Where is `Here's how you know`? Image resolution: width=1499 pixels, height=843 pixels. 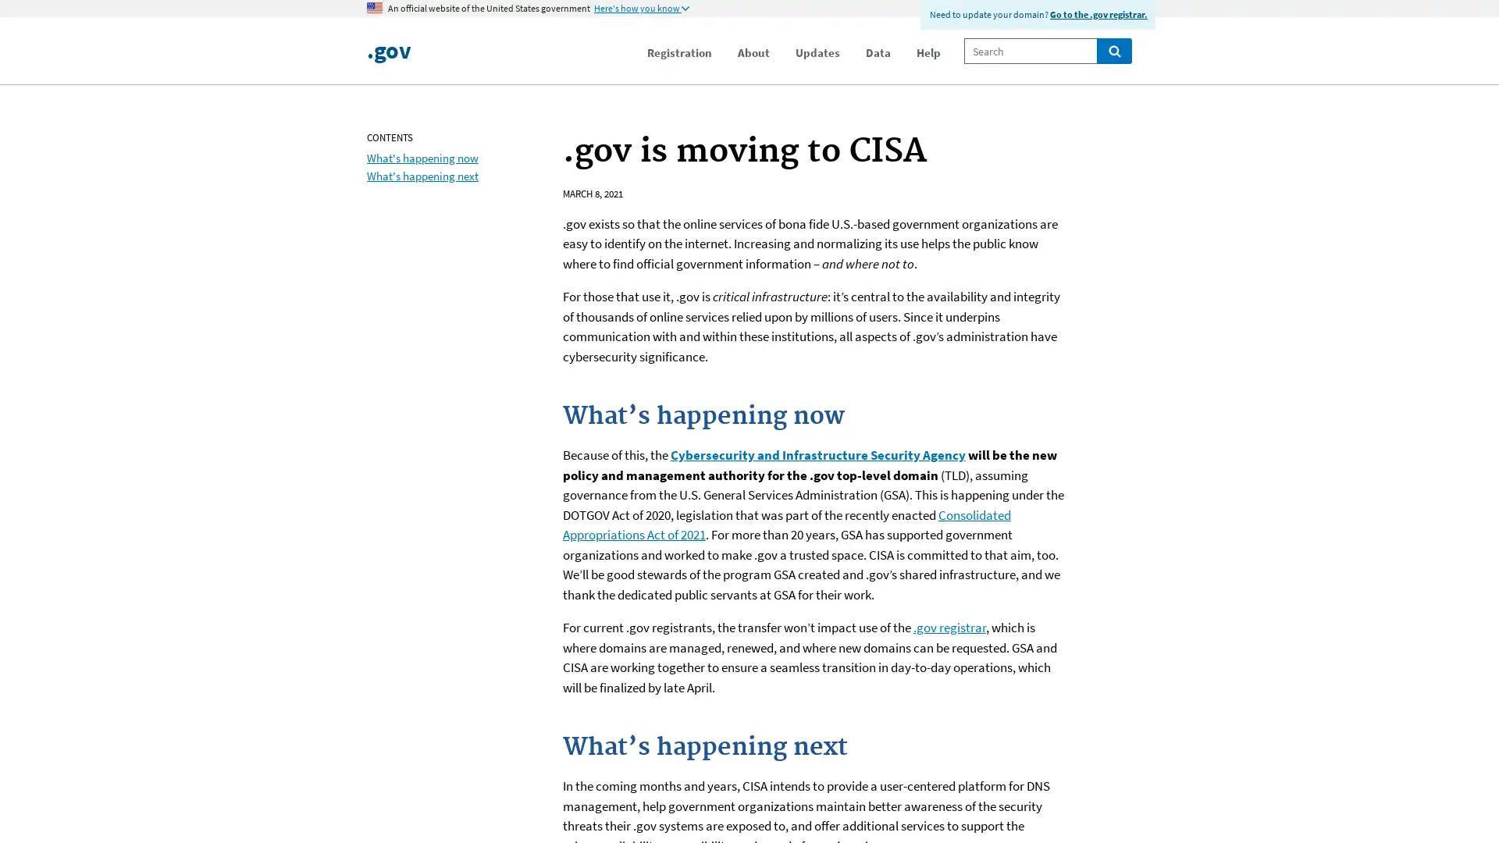 Here's how you know is located at coordinates (641, 9).